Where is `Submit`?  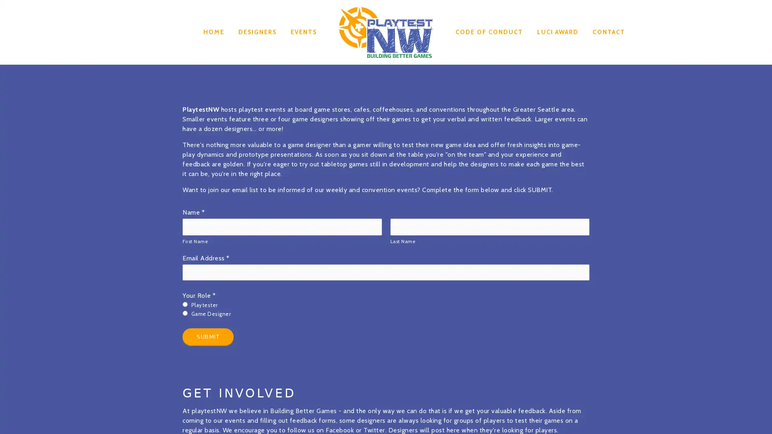
Submit is located at coordinates (208, 336).